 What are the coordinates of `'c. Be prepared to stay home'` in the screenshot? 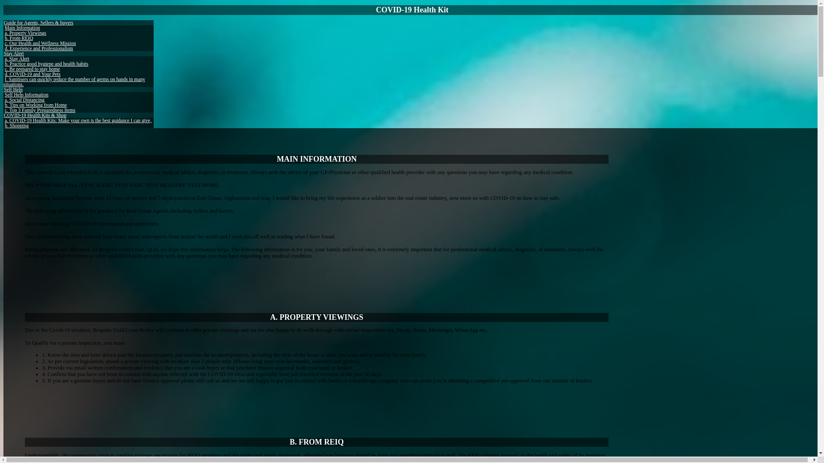 It's located at (32, 69).